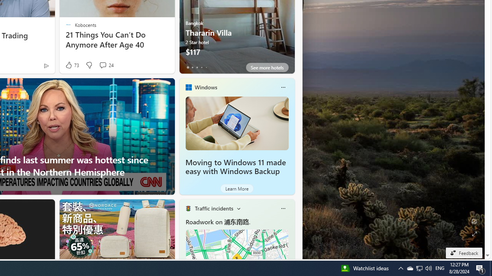 The image size is (492, 276). I want to click on 'tab-2', so click(197, 67).